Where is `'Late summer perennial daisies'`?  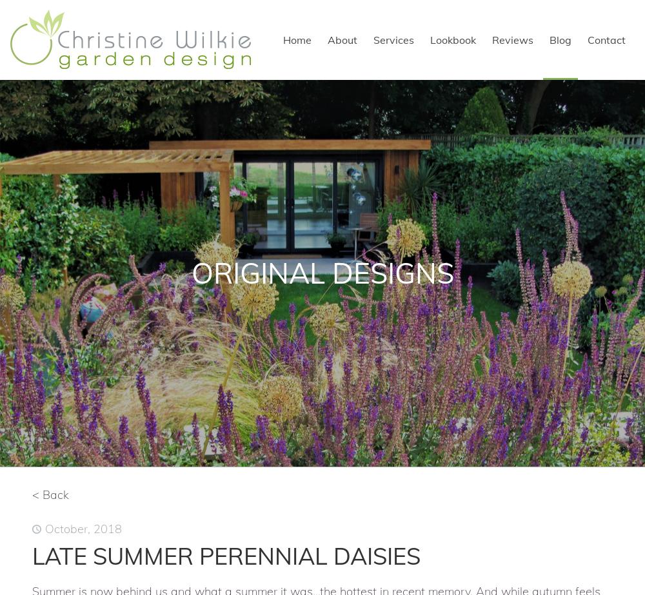
'Late summer perennial daisies' is located at coordinates (226, 555).